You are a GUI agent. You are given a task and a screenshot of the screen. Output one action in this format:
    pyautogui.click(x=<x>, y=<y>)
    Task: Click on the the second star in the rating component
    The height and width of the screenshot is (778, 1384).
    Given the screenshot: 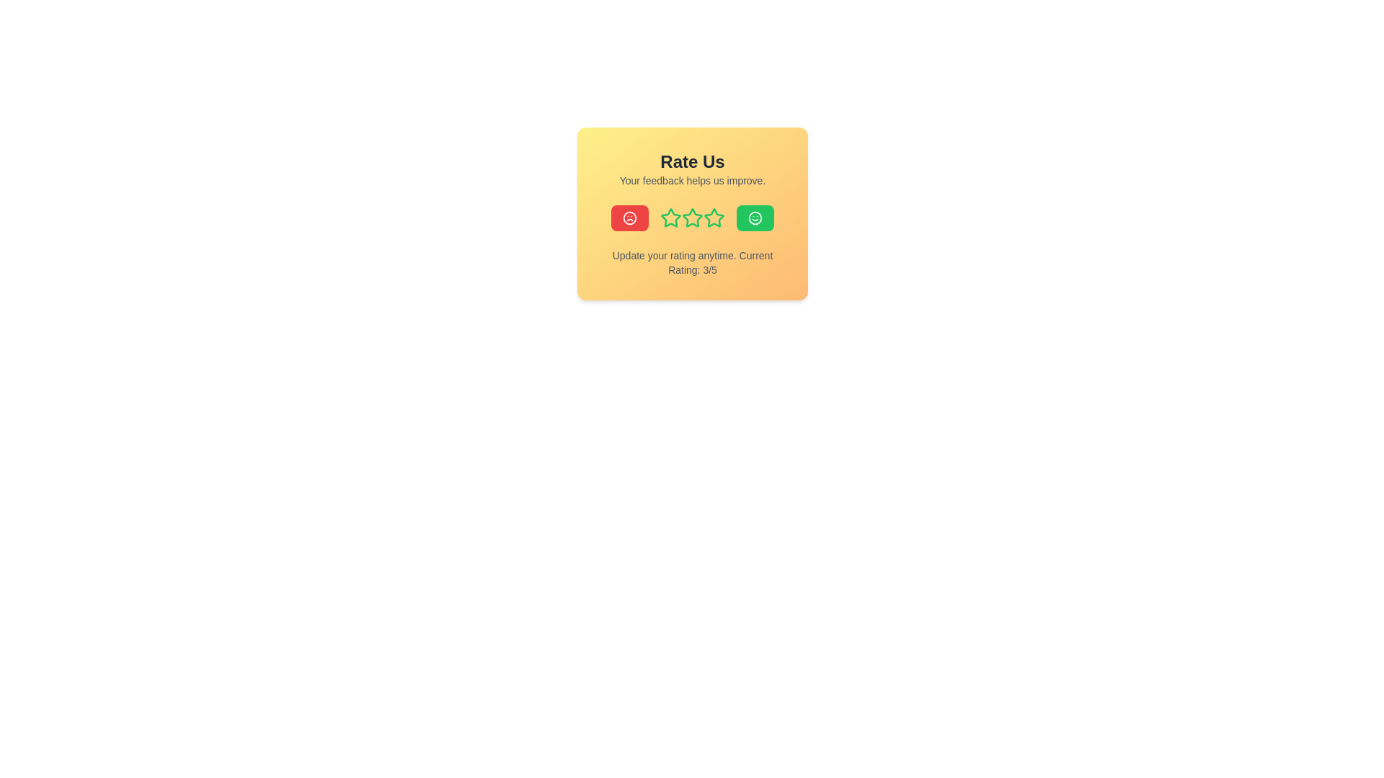 What is the action you would take?
    pyautogui.click(x=670, y=218)
    